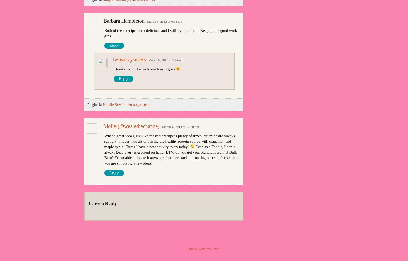 The height and width of the screenshot is (261, 408). I want to click on 'Blog at WordPress.com.', so click(187, 248).